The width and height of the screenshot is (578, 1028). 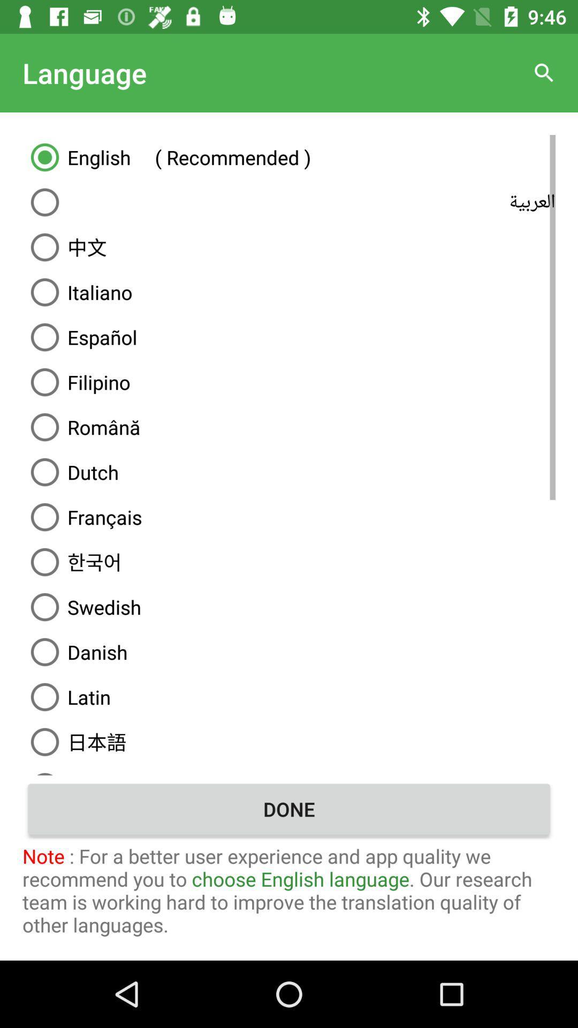 What do you see at coordinates (289, 246) in the screenshot?
I see `icon above the italiano item` at bounding box center [289, 246].